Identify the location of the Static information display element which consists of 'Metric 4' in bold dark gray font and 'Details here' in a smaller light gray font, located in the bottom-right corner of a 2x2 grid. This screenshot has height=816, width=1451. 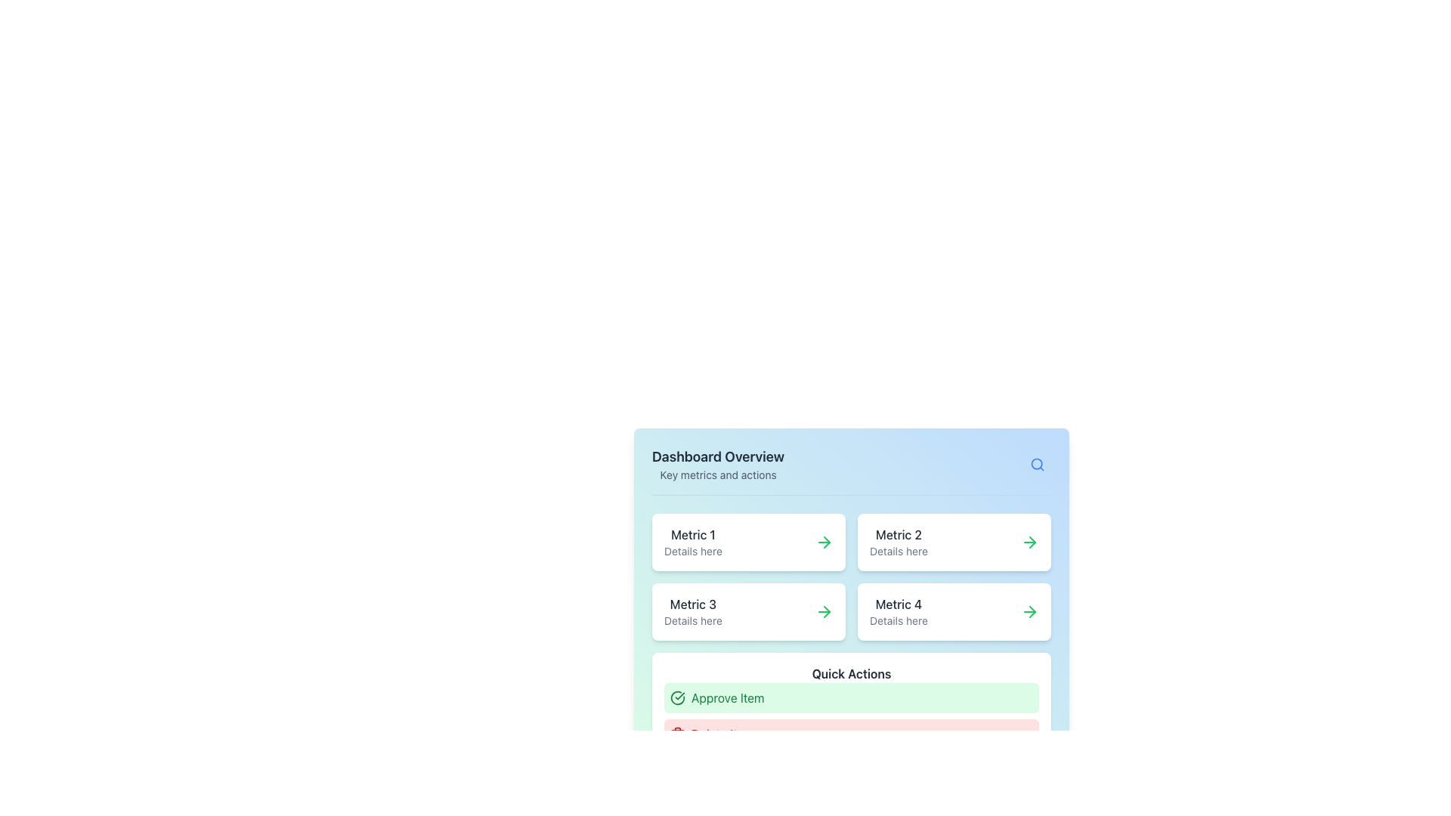
(899, 612).